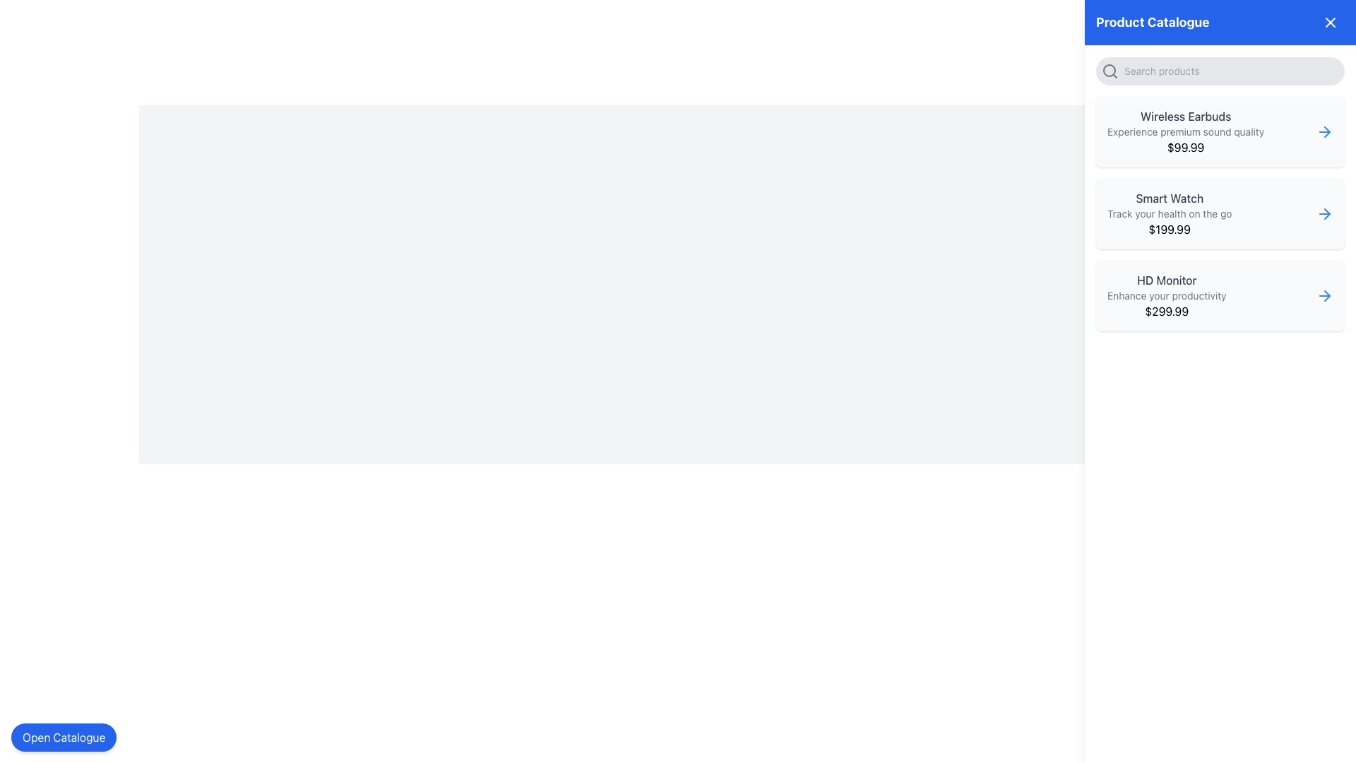 Image resolution: width=1356 pixels, height=763 pixels. I want to click on descriptive tagline for the product 'HD Monitor' located below the title 'HD Monitor' and above the price '$299.99' in the product card, so click(1167, 295).